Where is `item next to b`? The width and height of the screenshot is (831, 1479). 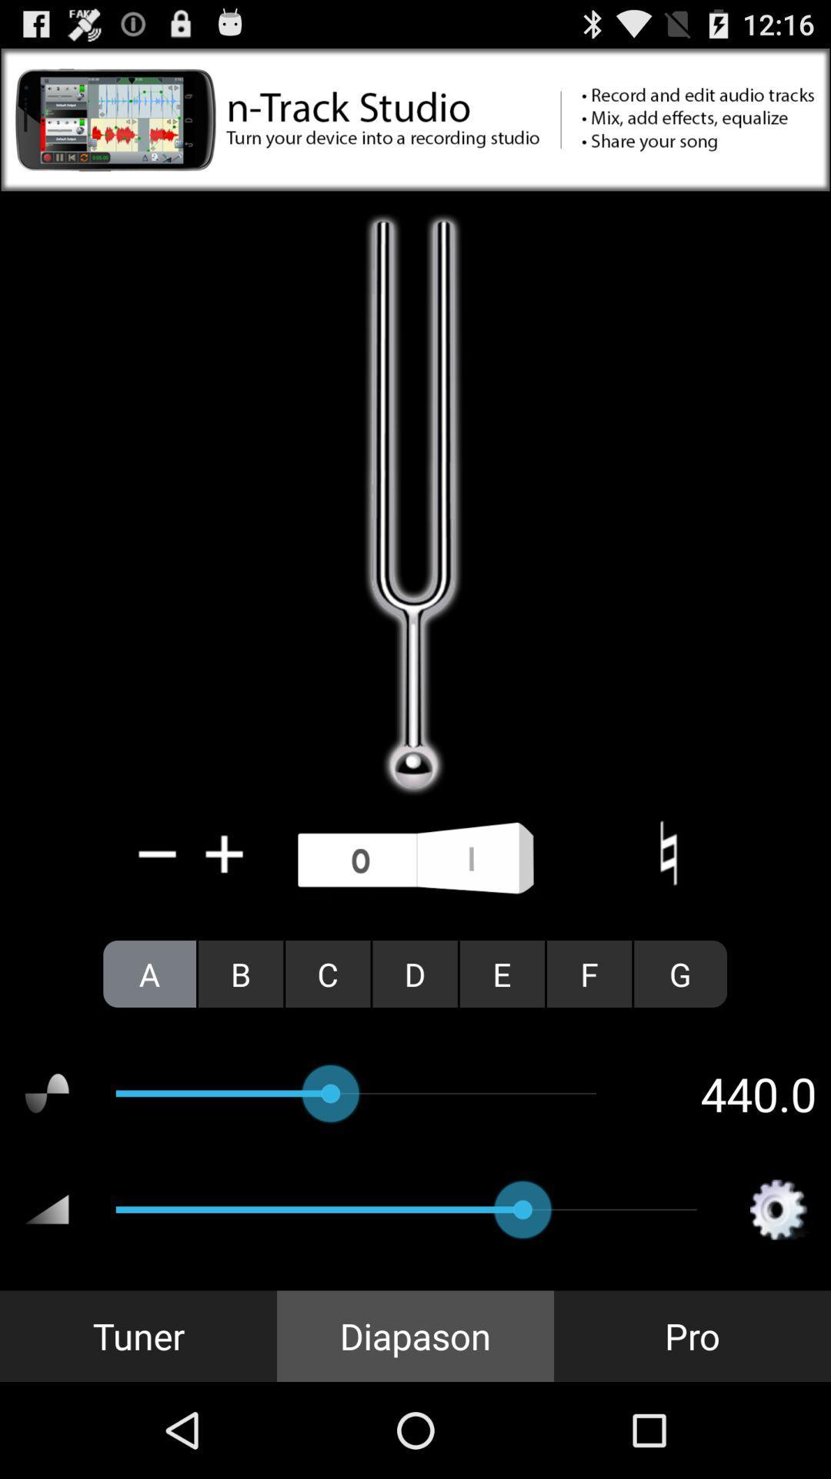 item next to b is located at coordinates (327, 973).